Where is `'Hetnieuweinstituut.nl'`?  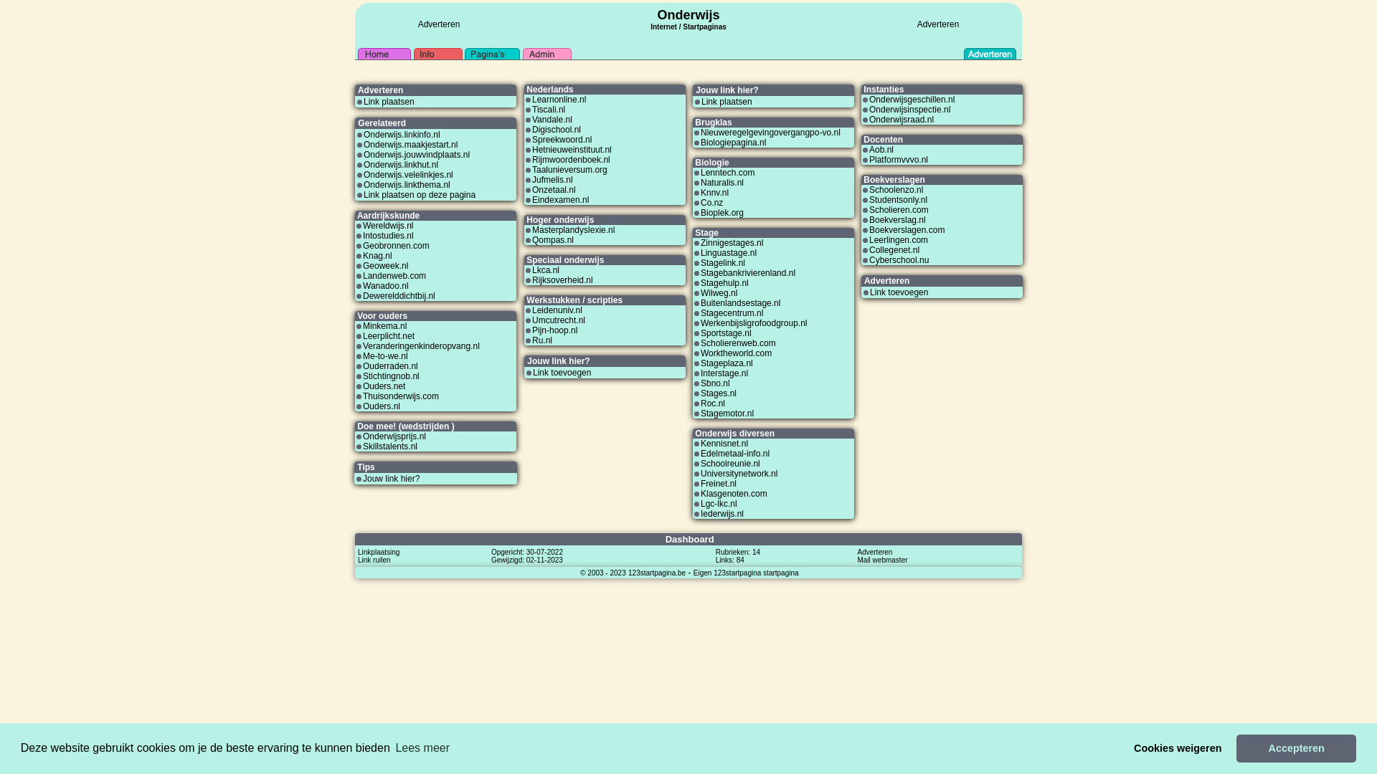
'Hetnieuweinstituut.nl' is located at coordinates (571, 149).